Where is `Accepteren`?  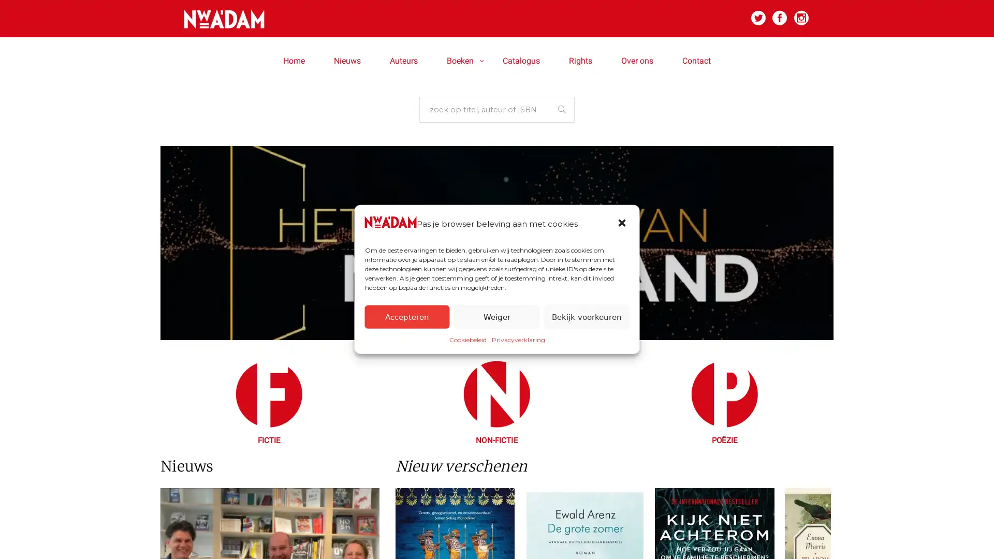
Accepteren is located at coordinates (406, 316).